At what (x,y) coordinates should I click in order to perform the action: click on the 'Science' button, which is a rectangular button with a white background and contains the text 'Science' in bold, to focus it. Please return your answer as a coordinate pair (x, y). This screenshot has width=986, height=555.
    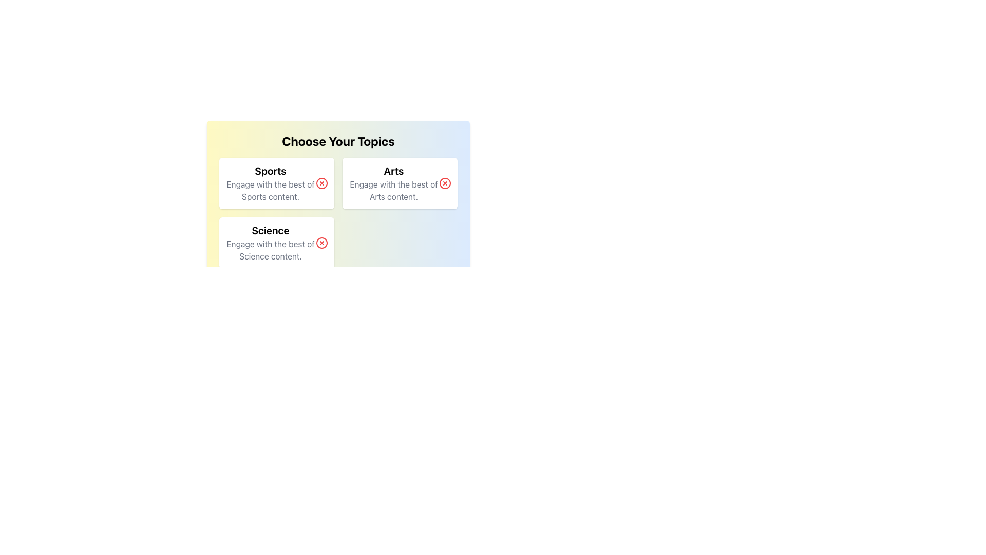
    Looking at the image, I should click on (276, 243).